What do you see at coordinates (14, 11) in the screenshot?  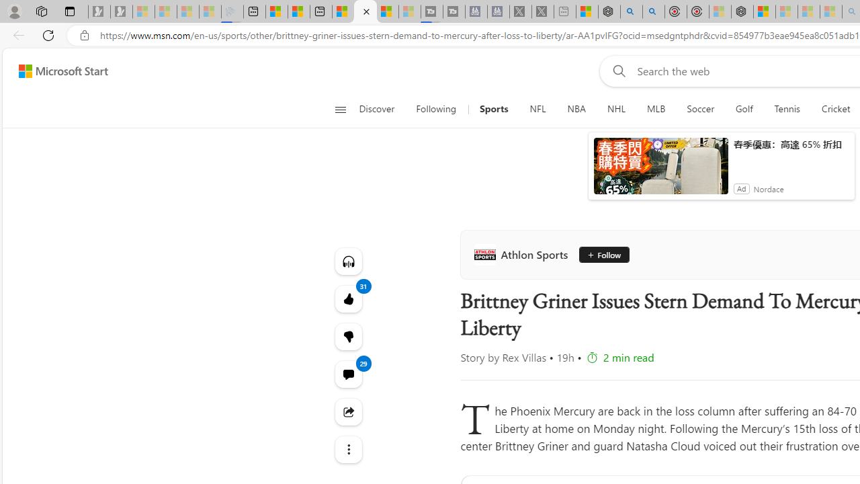 I see `'Personal Profile'` at bounding box center [14, 11].